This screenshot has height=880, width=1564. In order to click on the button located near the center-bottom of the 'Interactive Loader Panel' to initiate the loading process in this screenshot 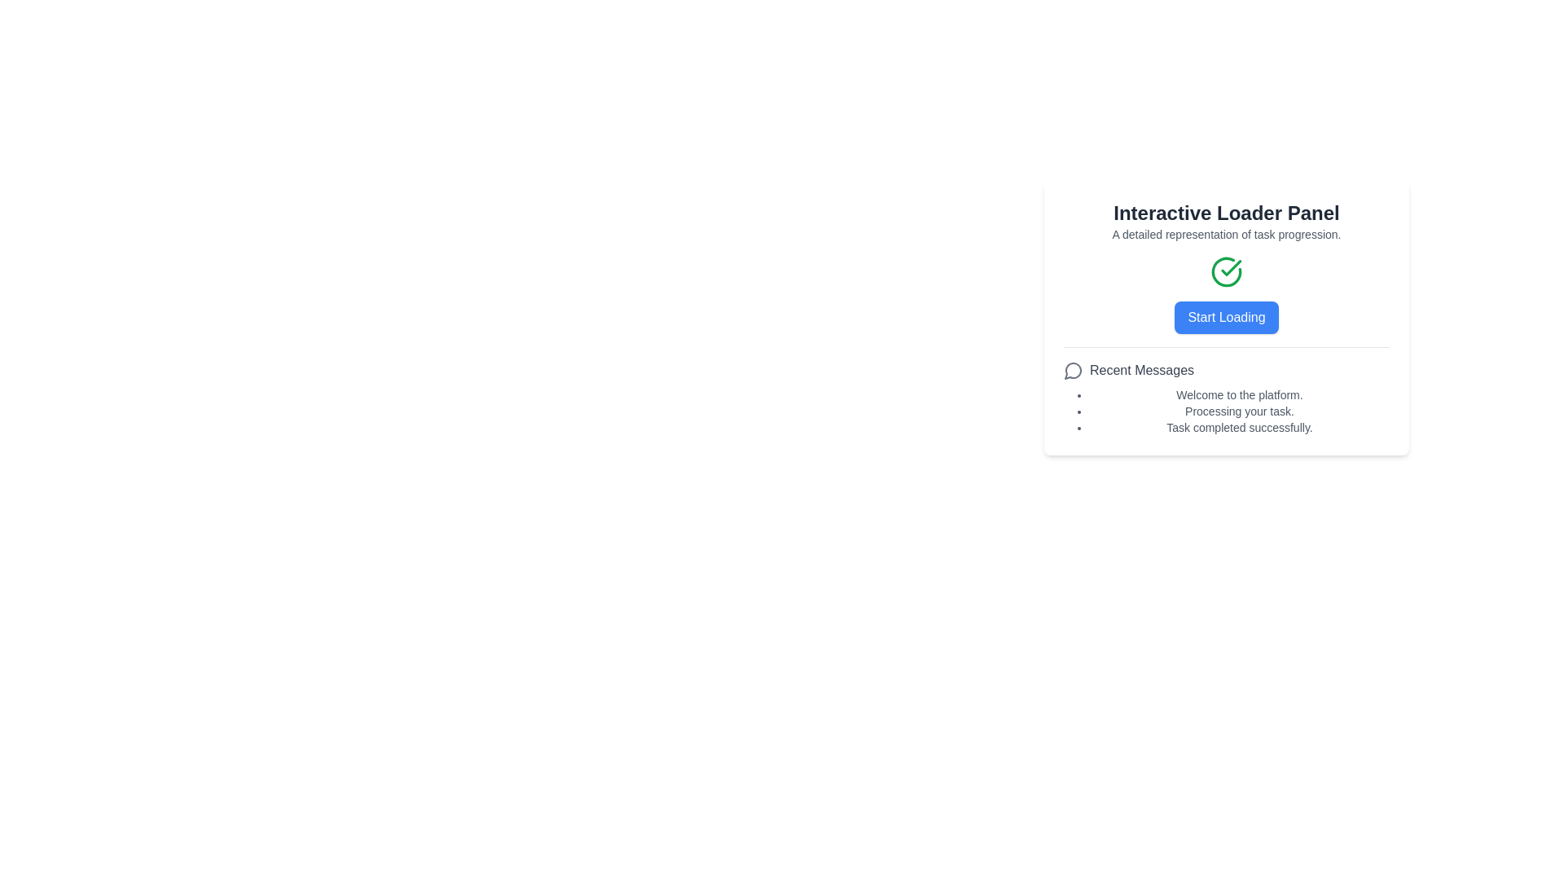, I will do `click(1227, 317)`.